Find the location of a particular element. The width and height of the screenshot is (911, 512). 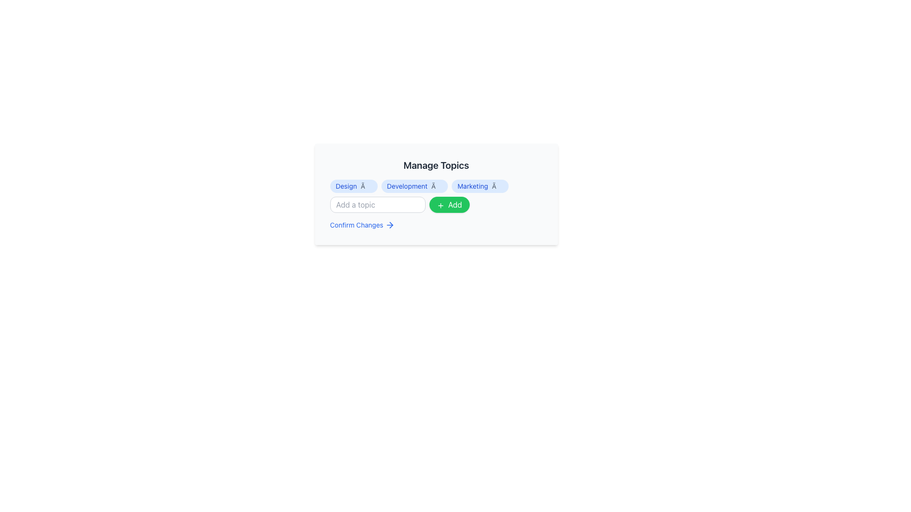

the '×' on the 'Design' tag is located at coordinates (353, 186).